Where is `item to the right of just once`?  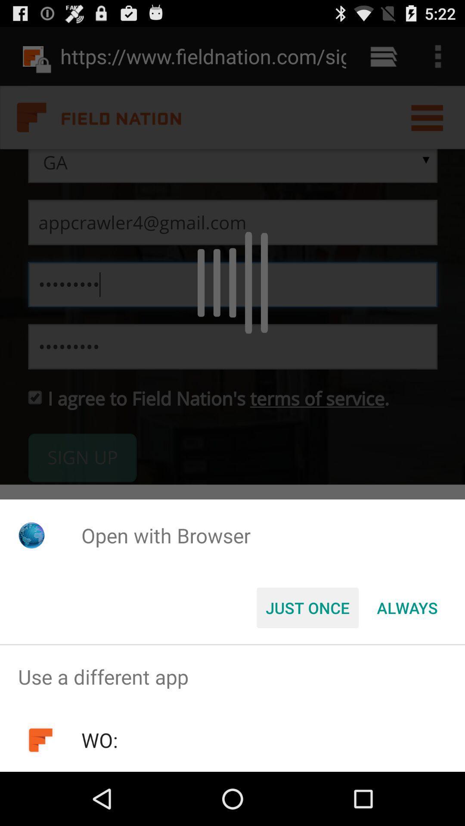 item to the right of just once is located at coordinates (407, 607).